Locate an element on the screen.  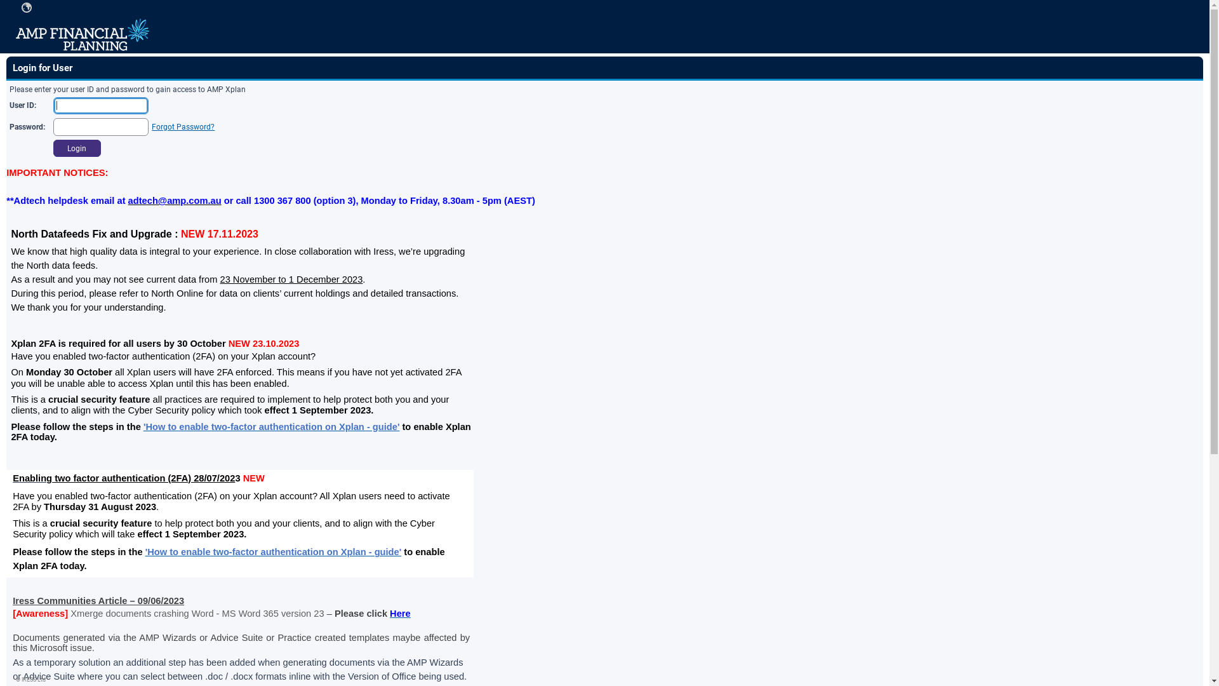
''How to enable two-factor authentication on Xplan - guide'' is located at coordinates (270, 426).